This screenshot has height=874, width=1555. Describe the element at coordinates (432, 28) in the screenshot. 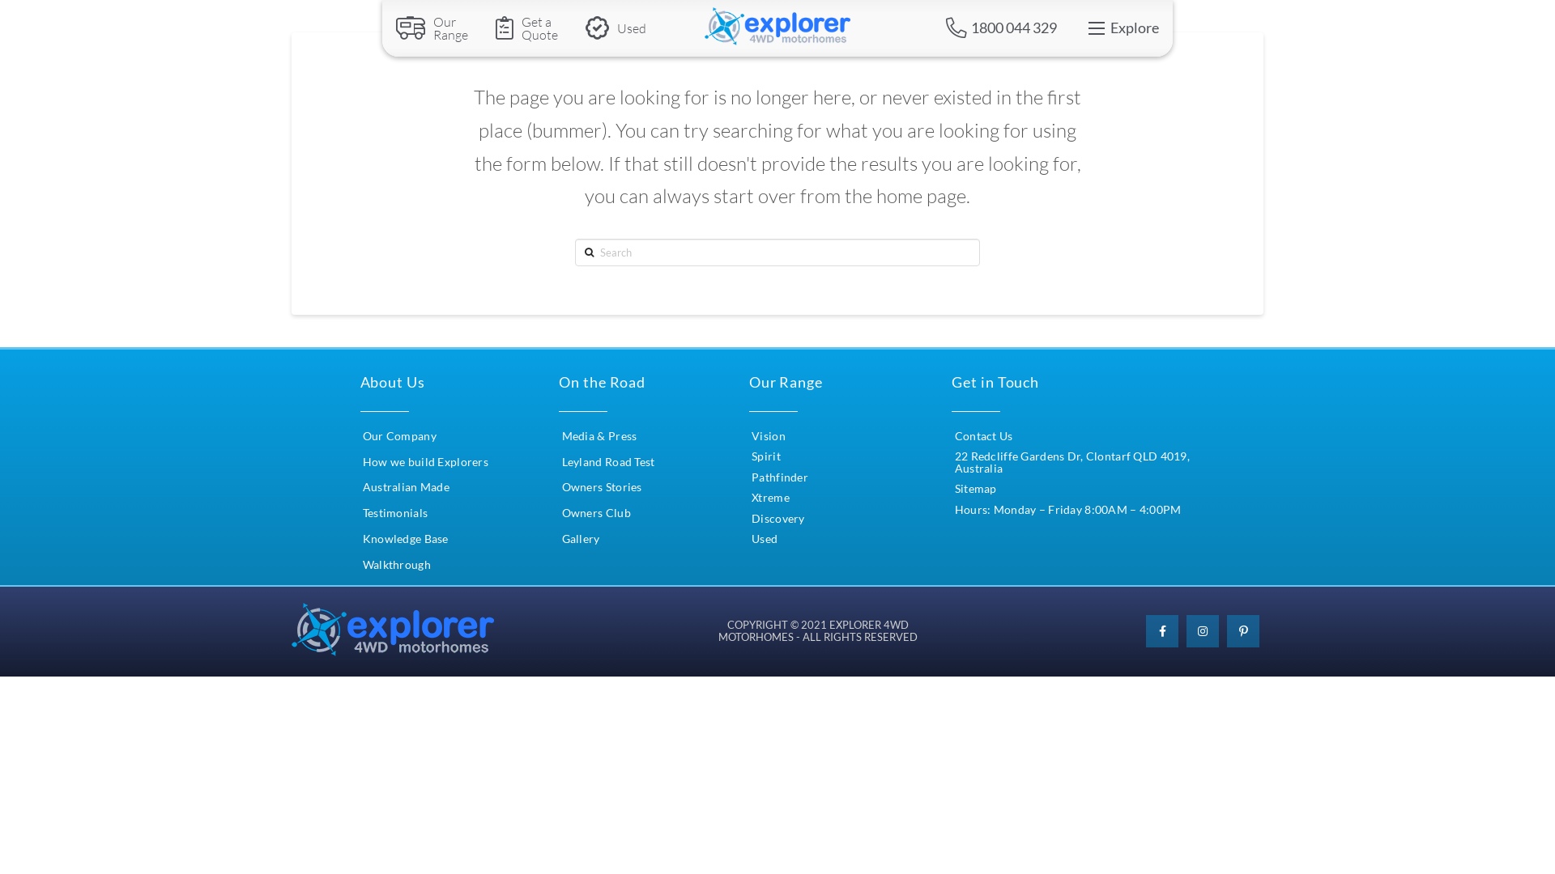

I see `'Our` at that location.